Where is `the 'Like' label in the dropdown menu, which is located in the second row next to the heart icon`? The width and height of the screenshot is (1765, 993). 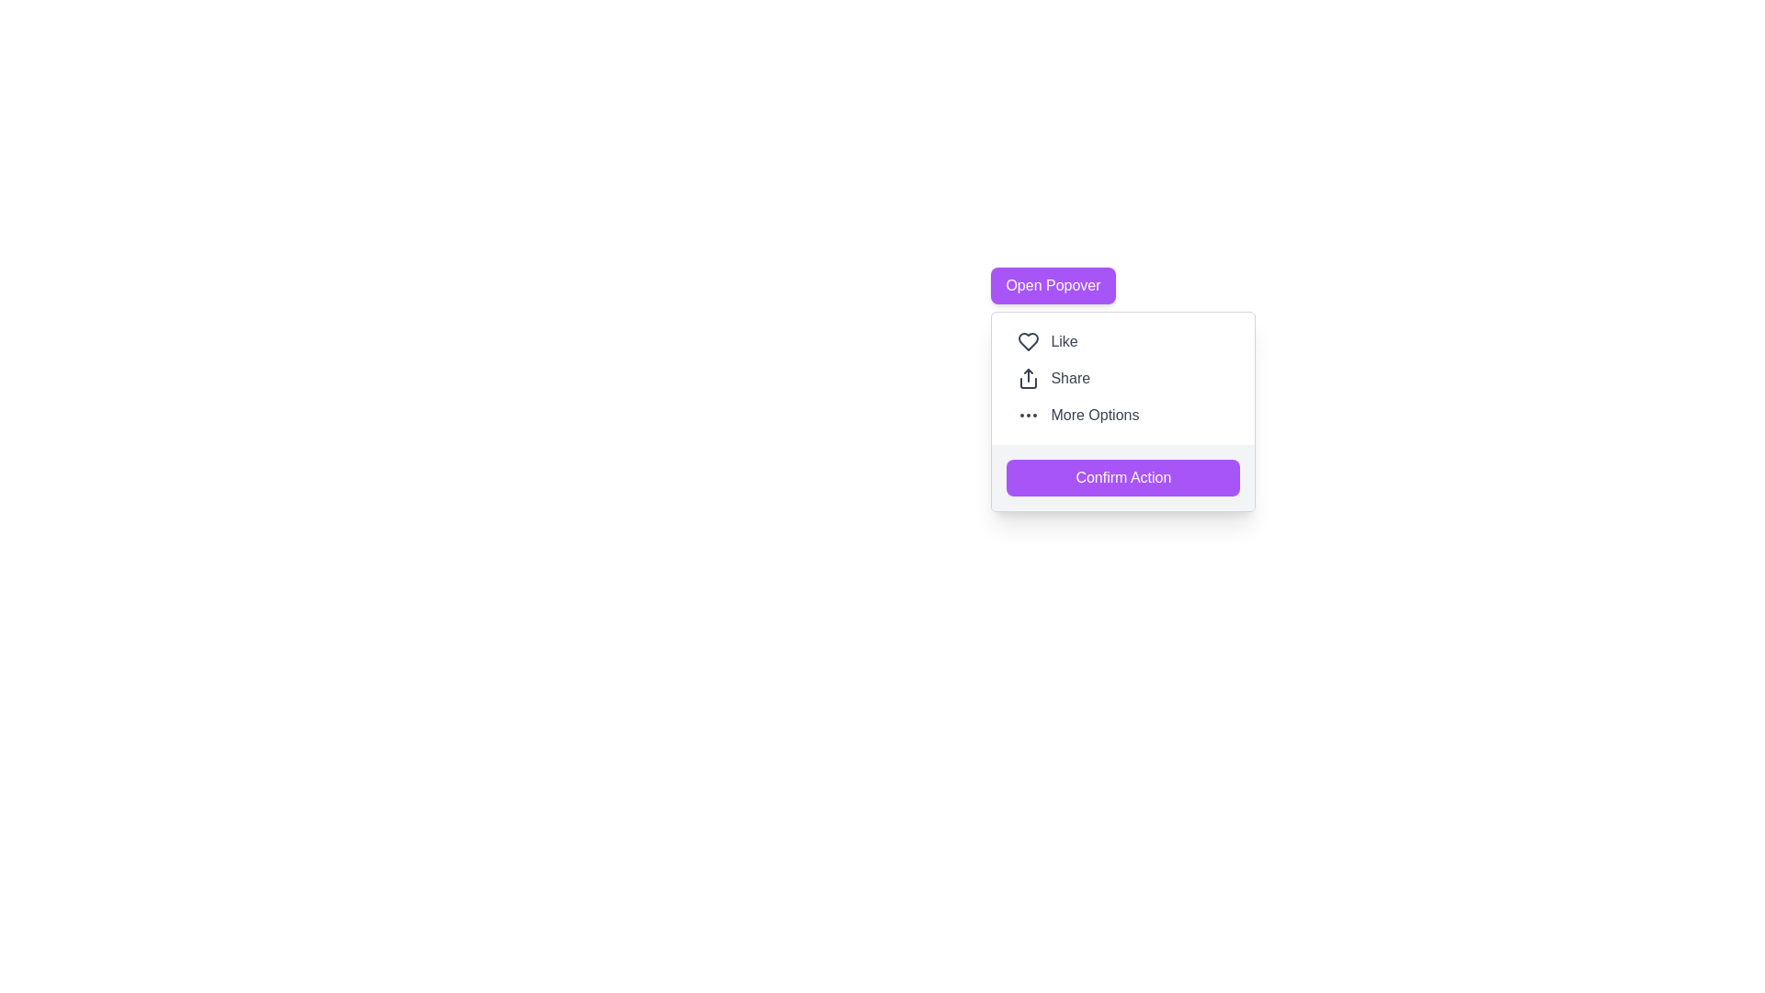 the 'Like' label in the dropdown menu, which is located in the second row next to the heart icon is located at coordinates (1065, 341).